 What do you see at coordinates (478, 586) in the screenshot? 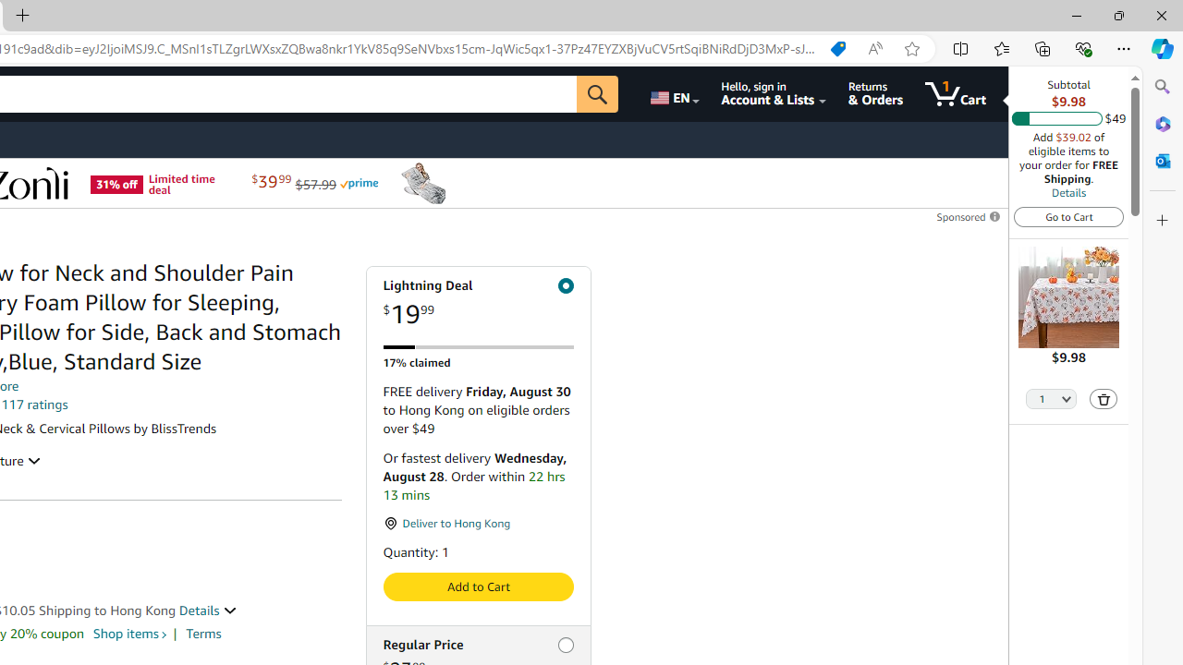
I see `'Add to Cart'` at bounding box center [478, 586].